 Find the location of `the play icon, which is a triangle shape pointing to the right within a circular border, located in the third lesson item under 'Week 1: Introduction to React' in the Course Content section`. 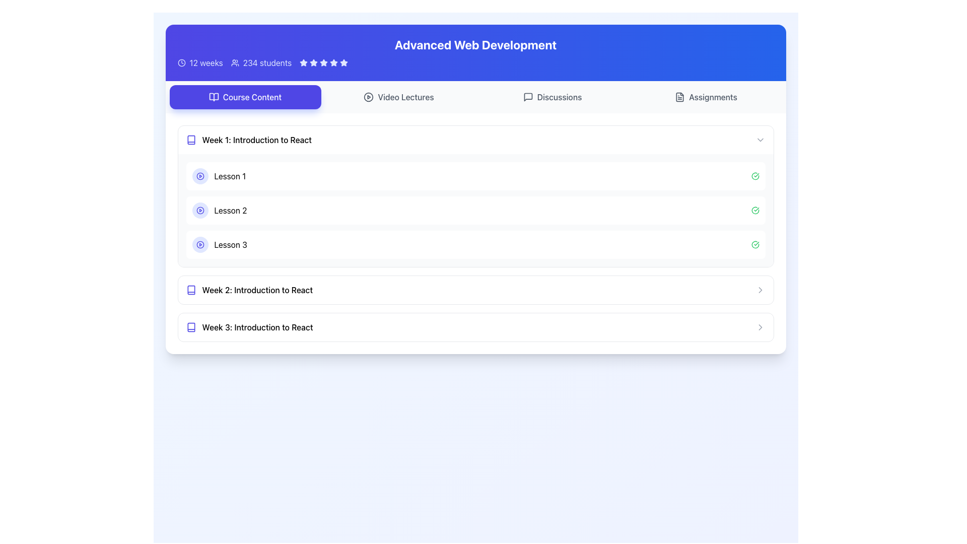

the play icon, which is a triangle shape pointing to the right within a circular border, located in the third lesson item under 'Week 1: Introduction to React' in the Course Content section is located at coordinates (200, 245).